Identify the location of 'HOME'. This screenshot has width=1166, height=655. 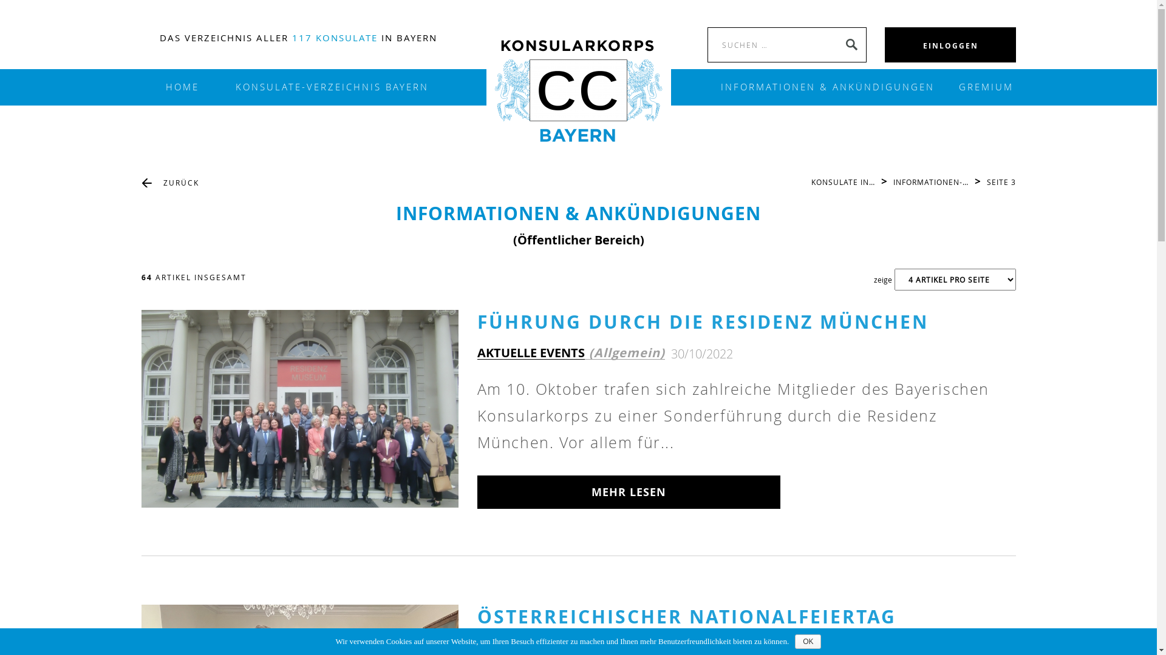
(181, 86).